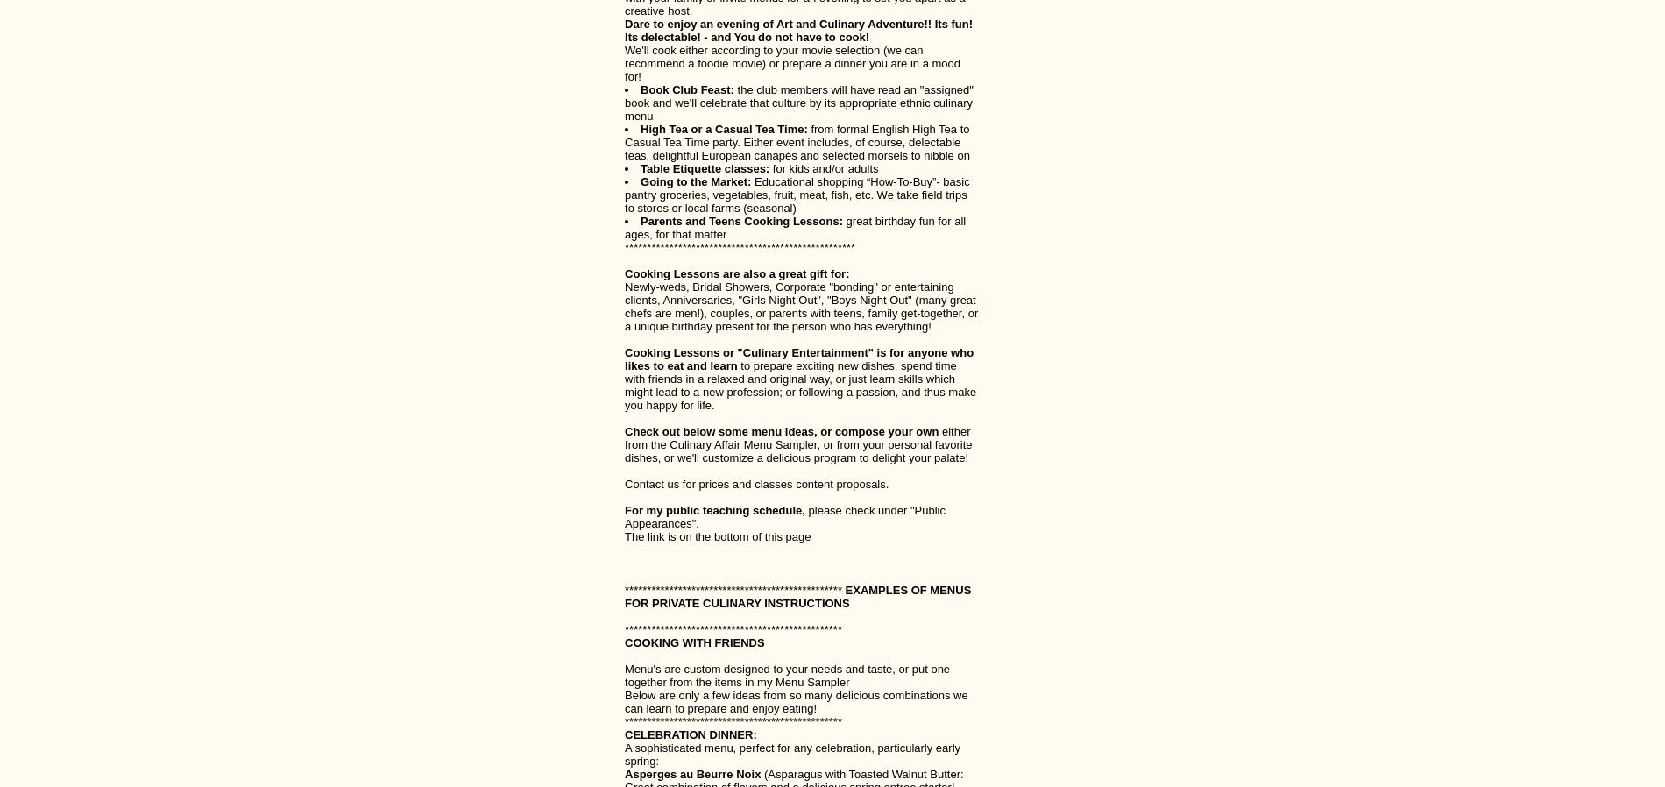 This screenshot has height=787, width=1665. What do you see at coordinates (624, 359) in the screenshot?
I see `'Cooking Lessons or "Culinary Entertainment" is for anyone who likes to eat and learn'` at bounding box center [624, 359].